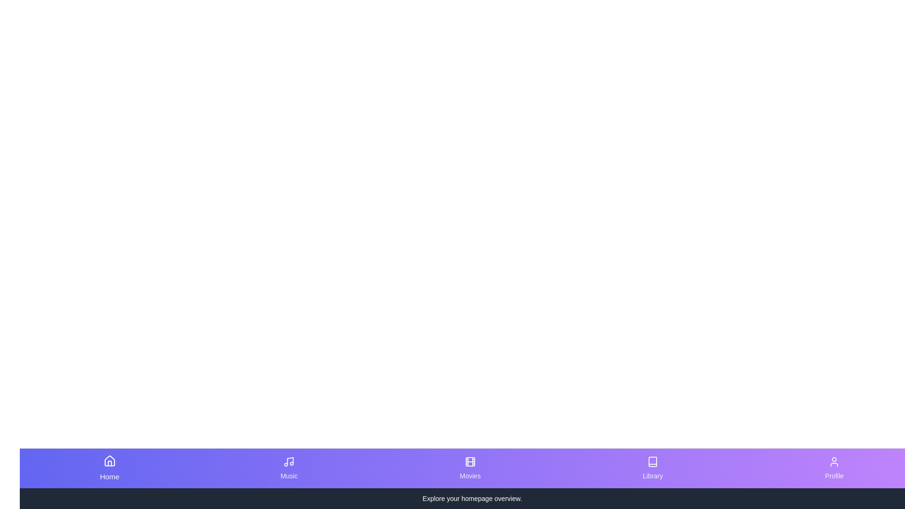  What do you see at coordinates (288, 468) in the screenshot?
I see `the tab labeled Music to see the hover effect` at bounding box center [288, 468].